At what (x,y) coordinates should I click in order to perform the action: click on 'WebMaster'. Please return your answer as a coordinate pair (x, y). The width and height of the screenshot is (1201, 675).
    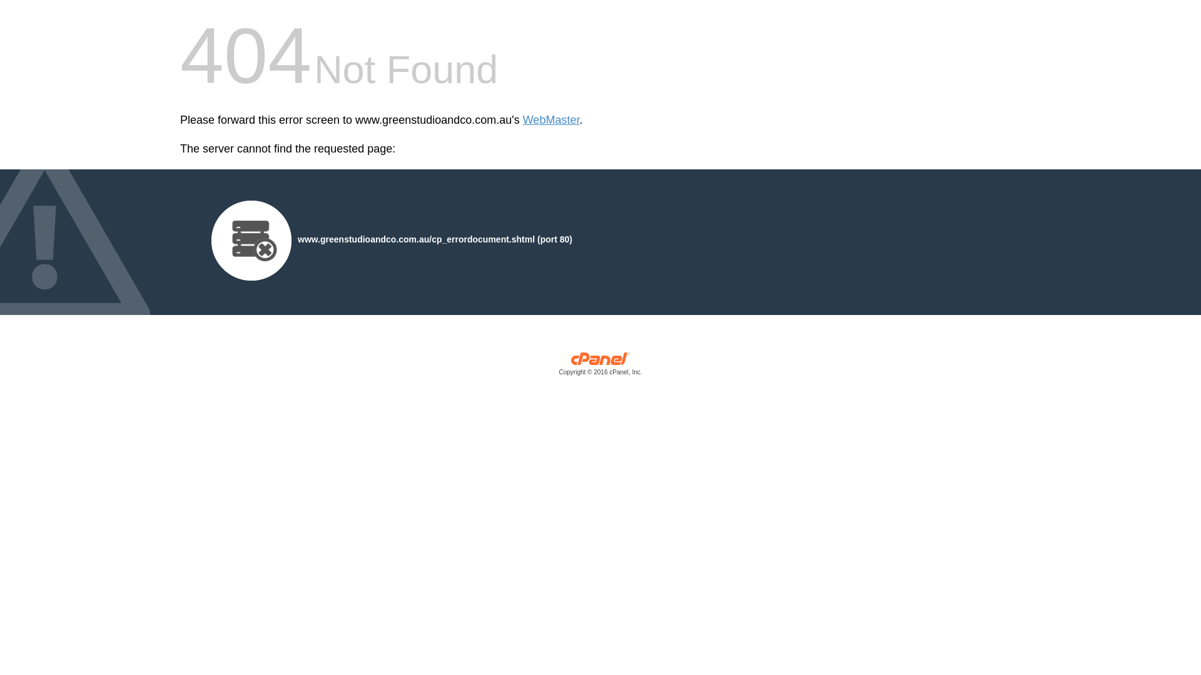
    Looking at the image, I should click on (550, 120).